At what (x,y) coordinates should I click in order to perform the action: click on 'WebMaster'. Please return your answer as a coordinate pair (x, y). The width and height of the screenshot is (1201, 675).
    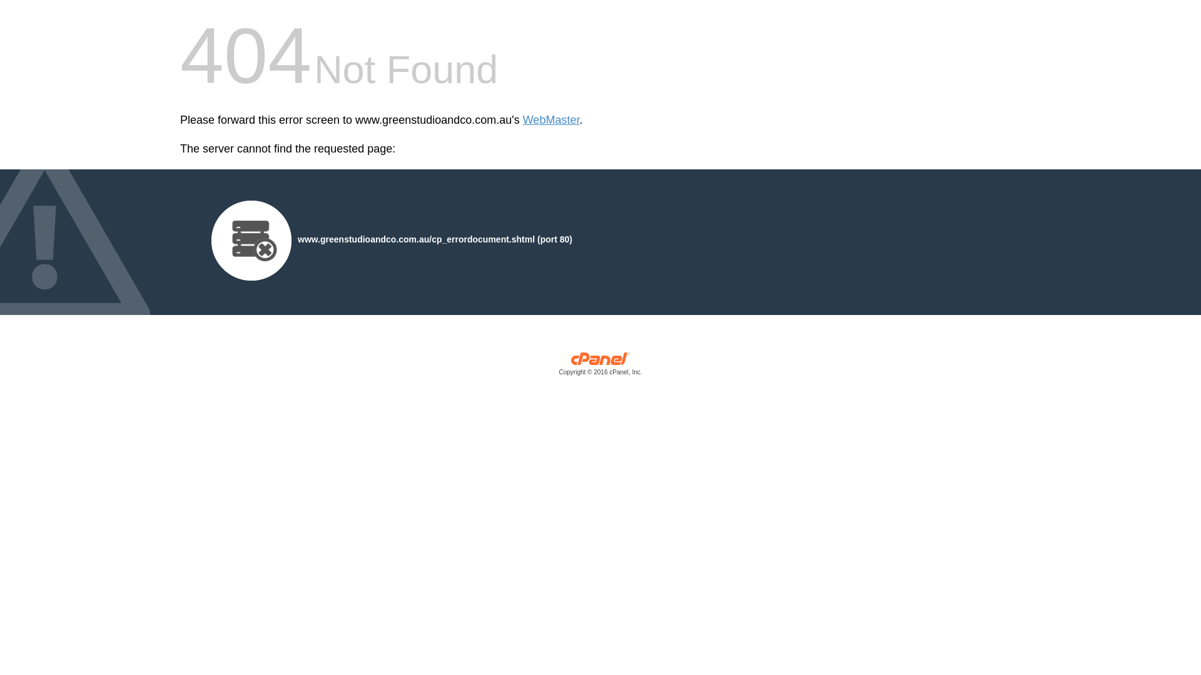
    Looking at the image, I should click on (550, 120).